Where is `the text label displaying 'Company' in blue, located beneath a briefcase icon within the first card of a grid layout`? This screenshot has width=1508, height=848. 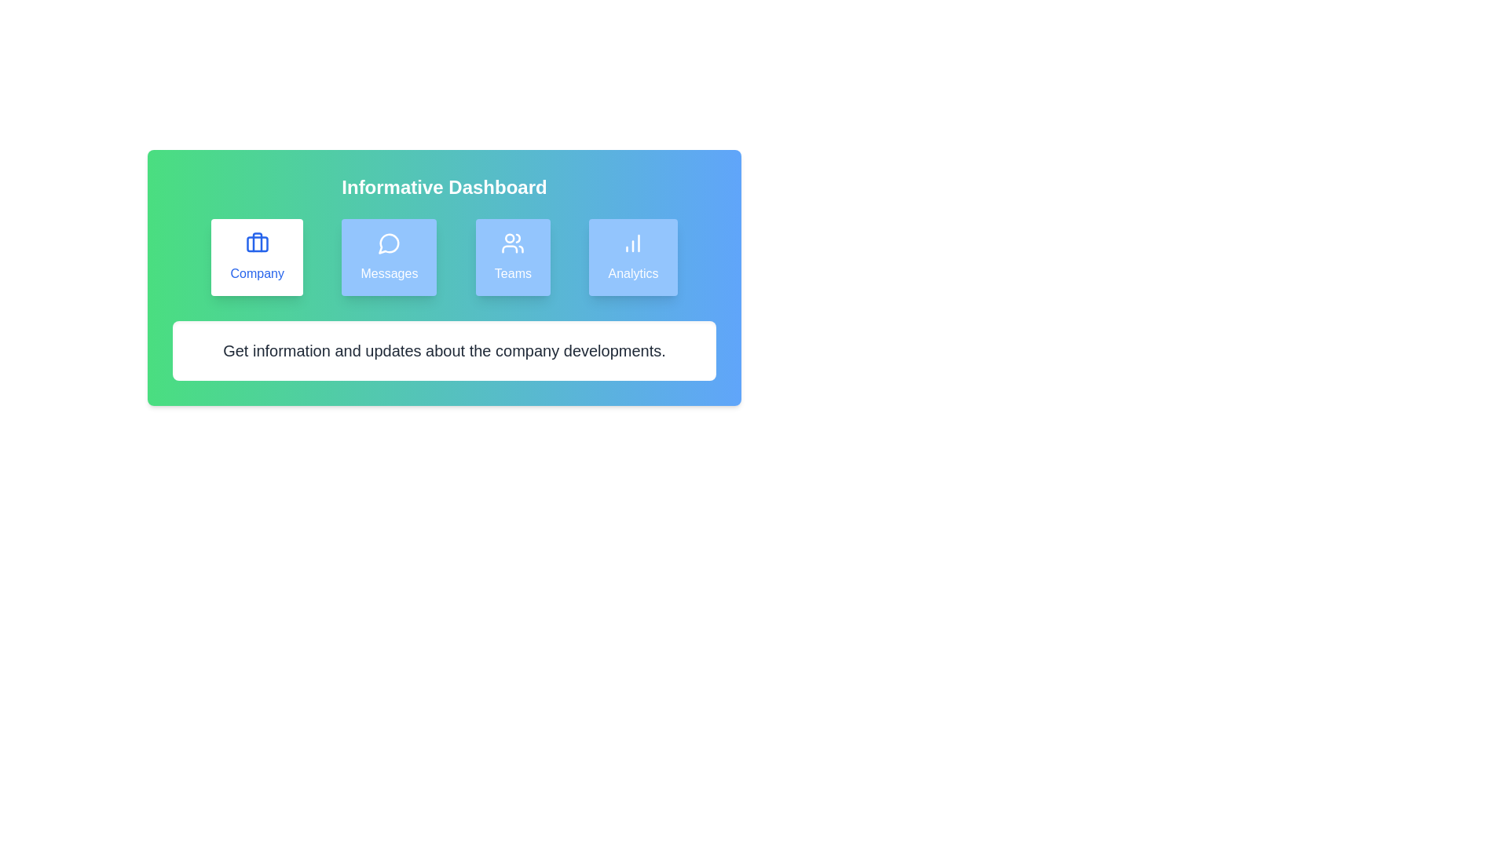
the text label displaying 'Company' in blue, located beneath a briefcase icon within the first card of a grid layout is located at coordinates (257, 272).